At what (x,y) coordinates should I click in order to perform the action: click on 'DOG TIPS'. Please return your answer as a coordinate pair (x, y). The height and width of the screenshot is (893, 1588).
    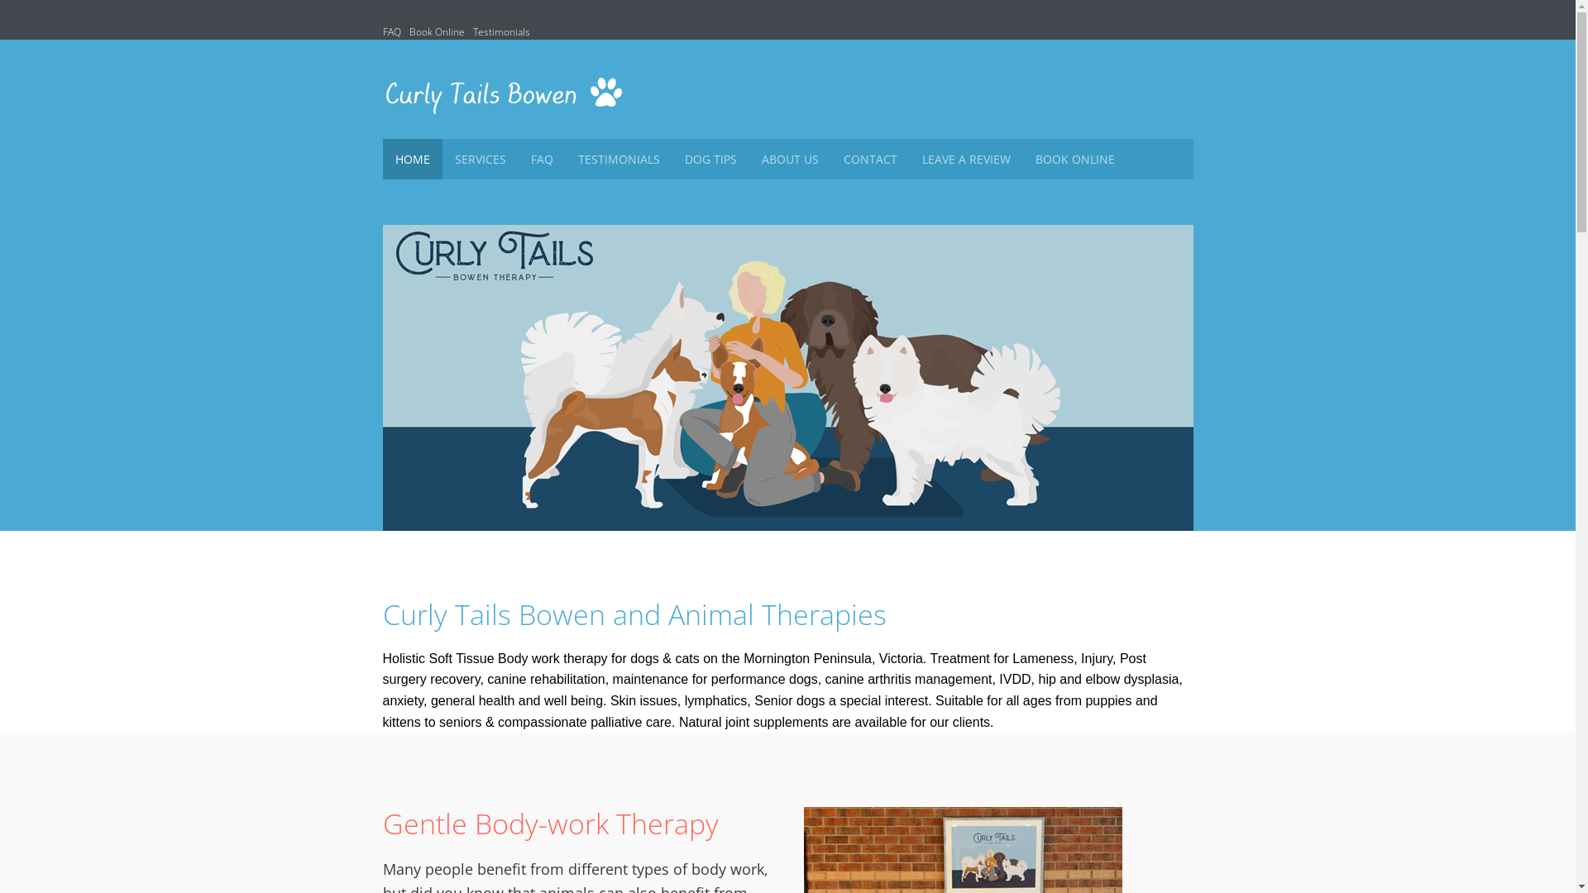
    Looking at the image, I should click on (710, 159).